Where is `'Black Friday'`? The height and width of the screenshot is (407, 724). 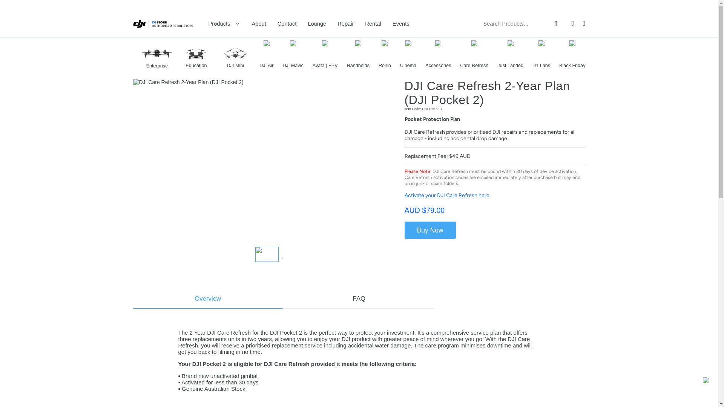 'Black Friday' is located at coordinates (572, 54).